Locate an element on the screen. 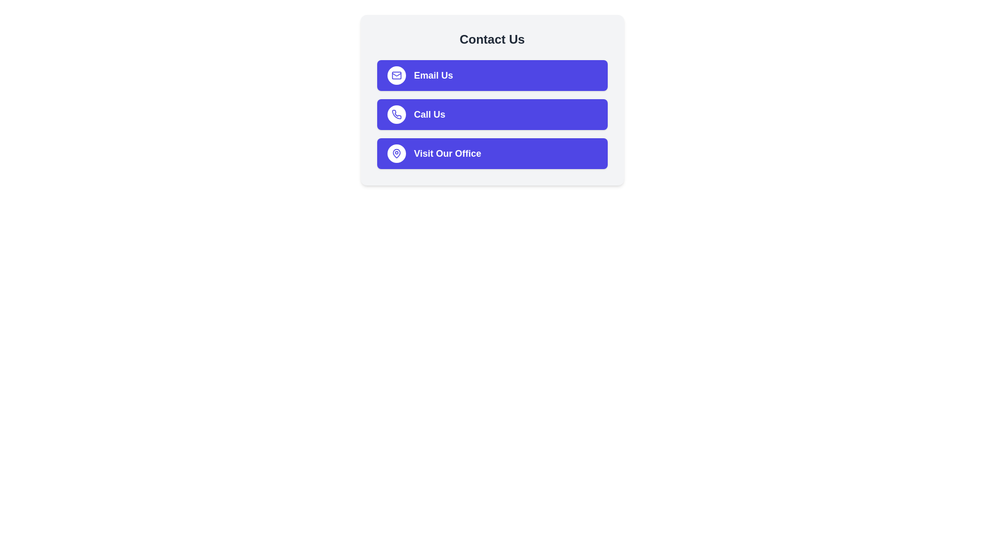  the 'Email Us' icon located at the top of the 'Contact Us' section, which is the first button among three vertically arranged buttons is located at coordinates (396, 75).